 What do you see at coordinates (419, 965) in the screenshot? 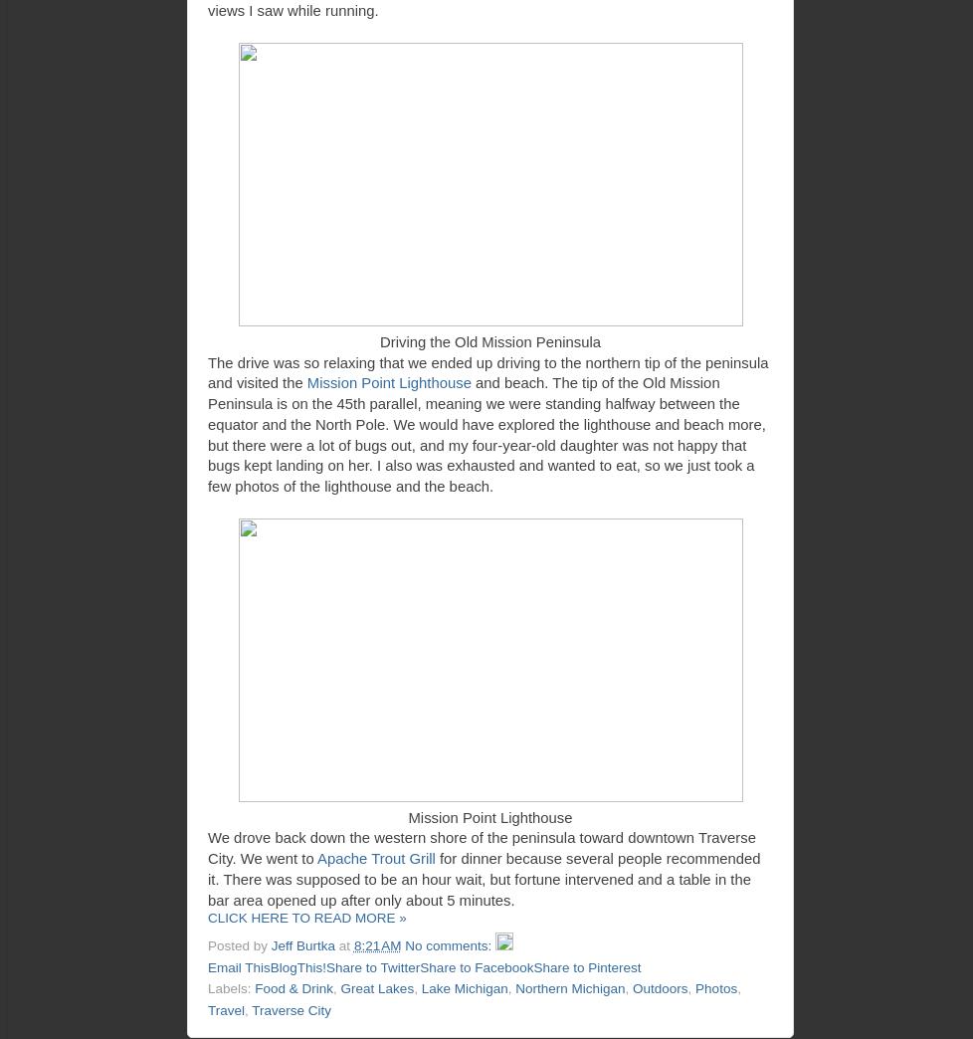
I see `'Share to Facebook'` at bounding box center [419, 965].